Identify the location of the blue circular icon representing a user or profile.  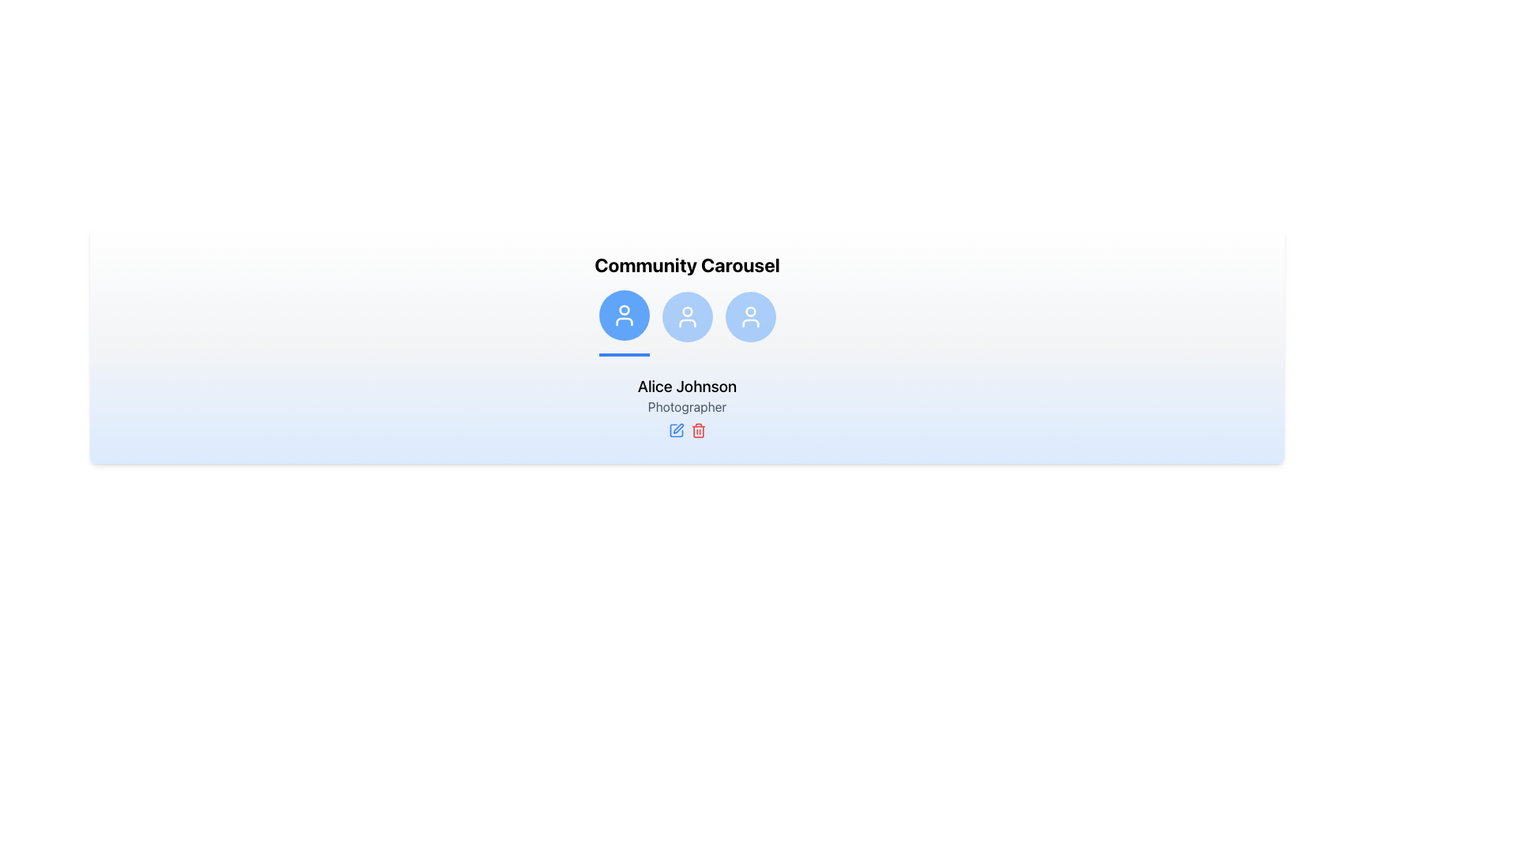
(623, 316).